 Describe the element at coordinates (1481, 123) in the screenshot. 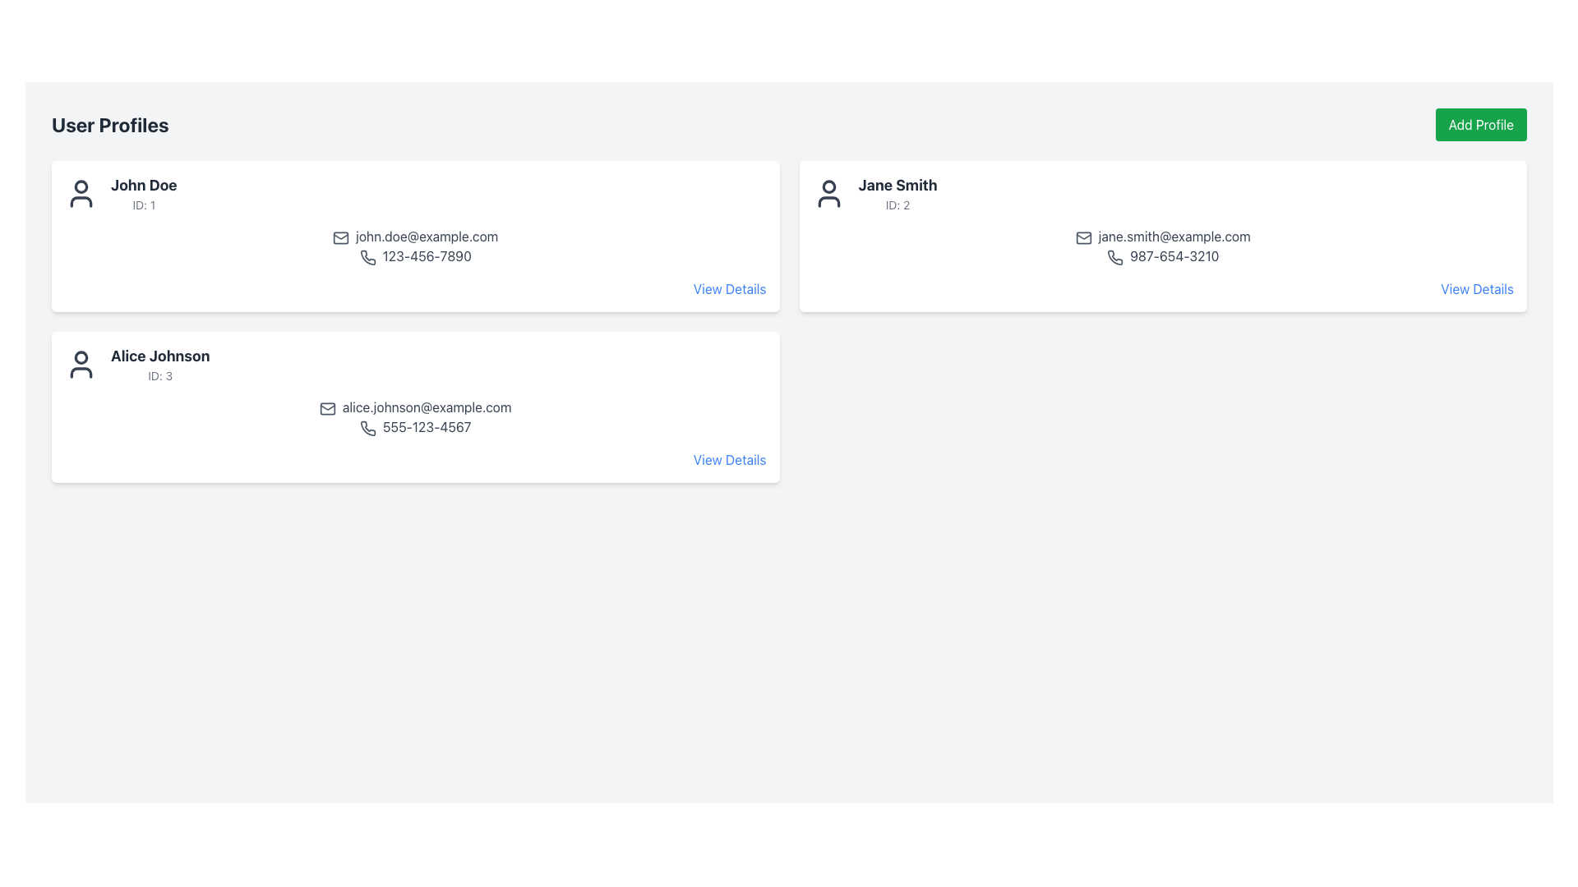

I see `the button located at the top-right corner of the interface, next to the 'User Profiles' section heading` at that location.